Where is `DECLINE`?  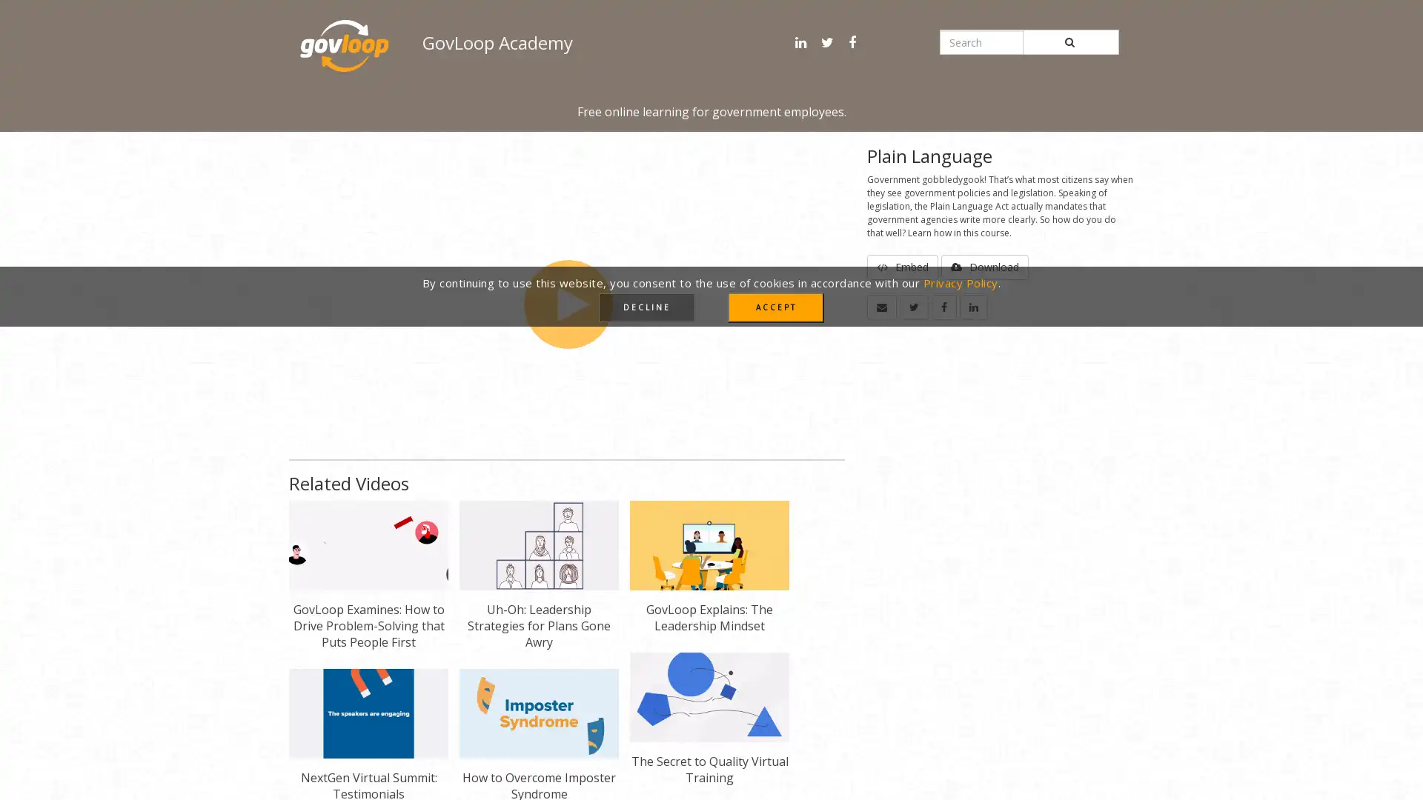
DECLINE is located at coordinates (647, 307).